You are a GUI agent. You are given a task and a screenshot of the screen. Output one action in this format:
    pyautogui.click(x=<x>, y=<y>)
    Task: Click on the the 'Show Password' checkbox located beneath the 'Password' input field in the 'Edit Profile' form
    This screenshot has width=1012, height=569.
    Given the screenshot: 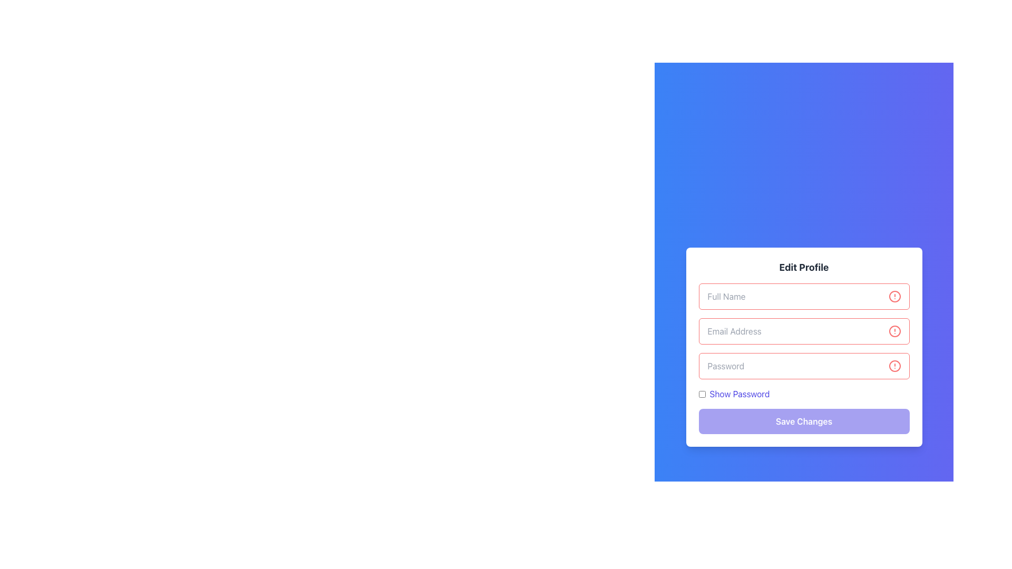 What is the action you would take?
    pyautogui.click(x=803, y=394)
    